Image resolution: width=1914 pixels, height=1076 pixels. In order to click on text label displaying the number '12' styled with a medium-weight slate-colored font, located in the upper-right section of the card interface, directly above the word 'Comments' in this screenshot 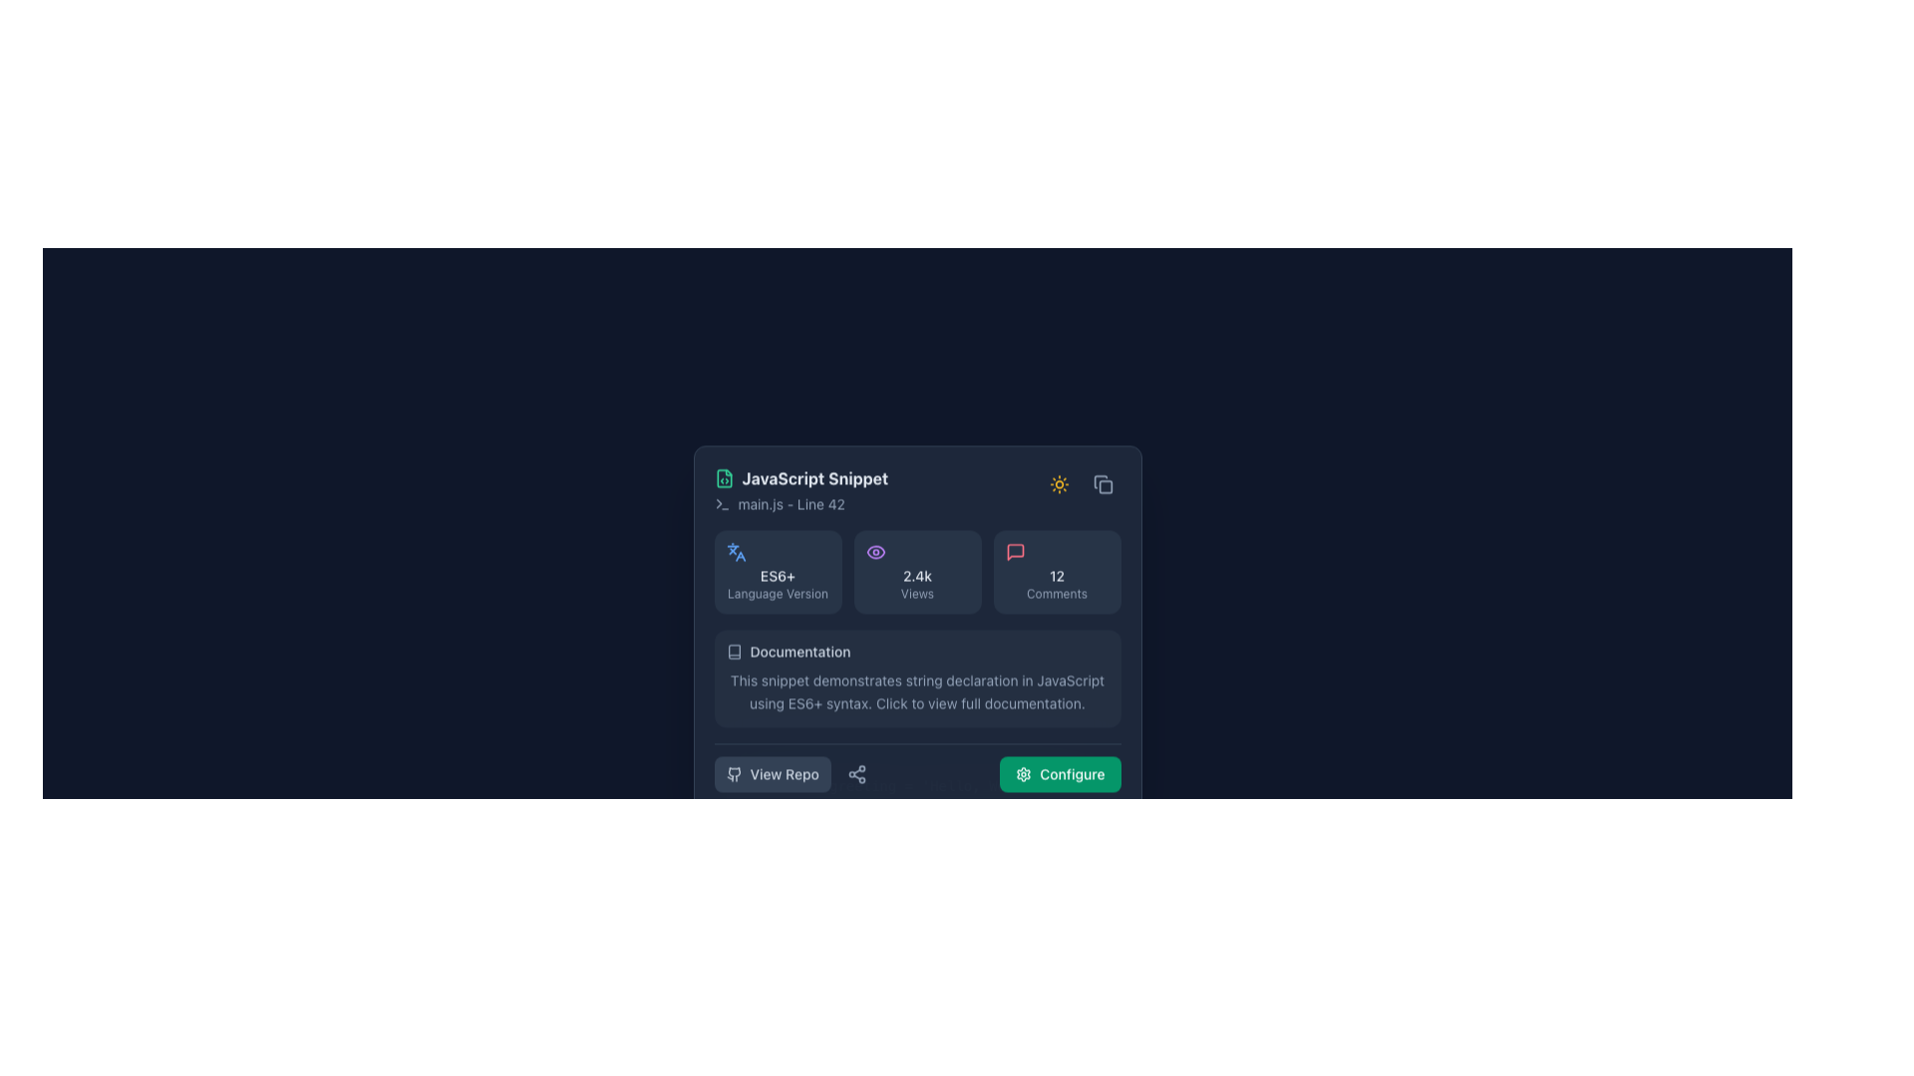, I will do `click(1056, 576)`.